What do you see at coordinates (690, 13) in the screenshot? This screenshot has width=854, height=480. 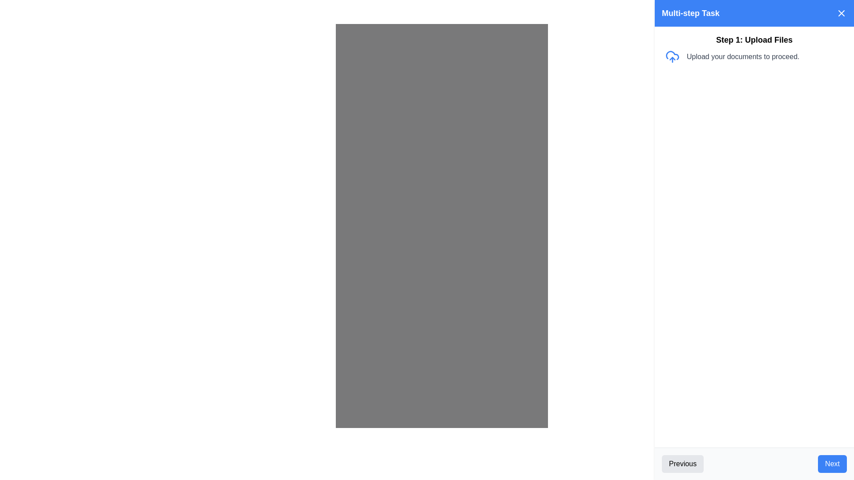 I see `the static text label displaying 'Multi-step Task' in a bold white font on a blue background, located in the top left corner of the header section` at bounding box center [690, 13].